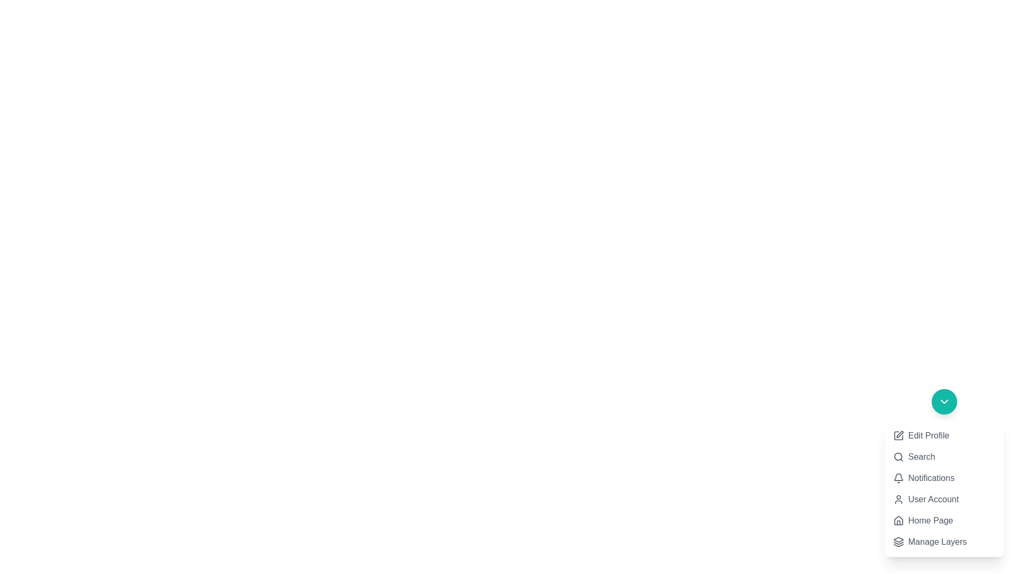 Image resolution: width=1021 pixels, height=574 pixels. I want to click on the Interactive button at the bottom of the menu panel to change its text color, so click(930, 542).